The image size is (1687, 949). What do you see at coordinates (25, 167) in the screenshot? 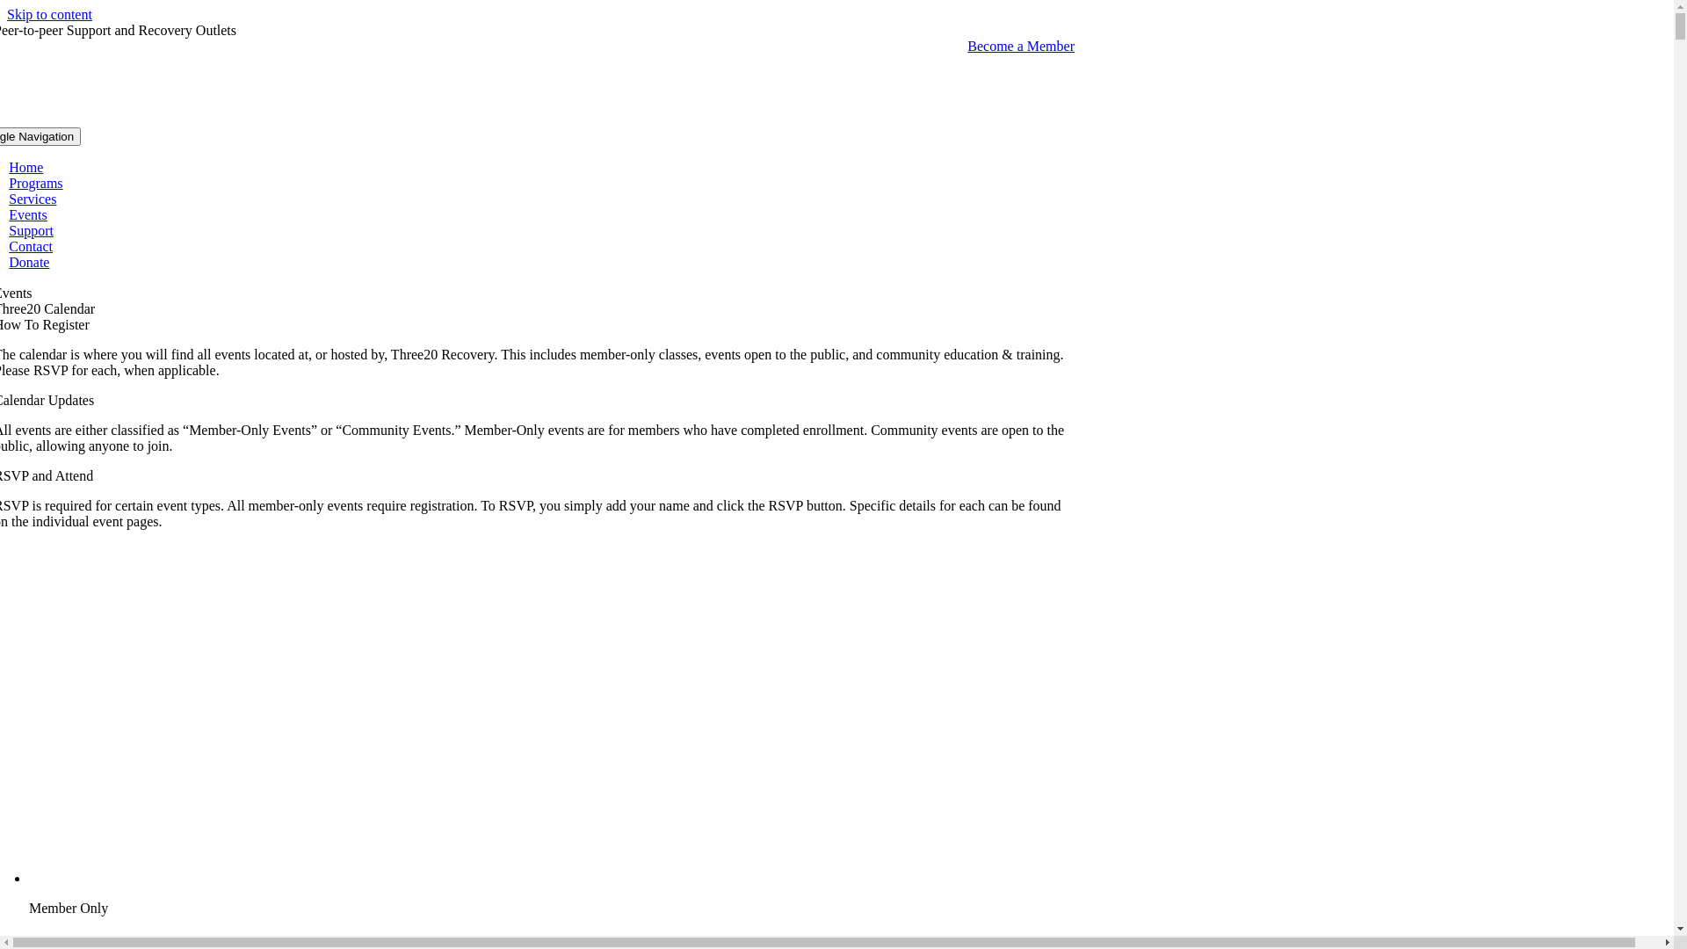
I see `'Home'` at bounding box center [25, 167].